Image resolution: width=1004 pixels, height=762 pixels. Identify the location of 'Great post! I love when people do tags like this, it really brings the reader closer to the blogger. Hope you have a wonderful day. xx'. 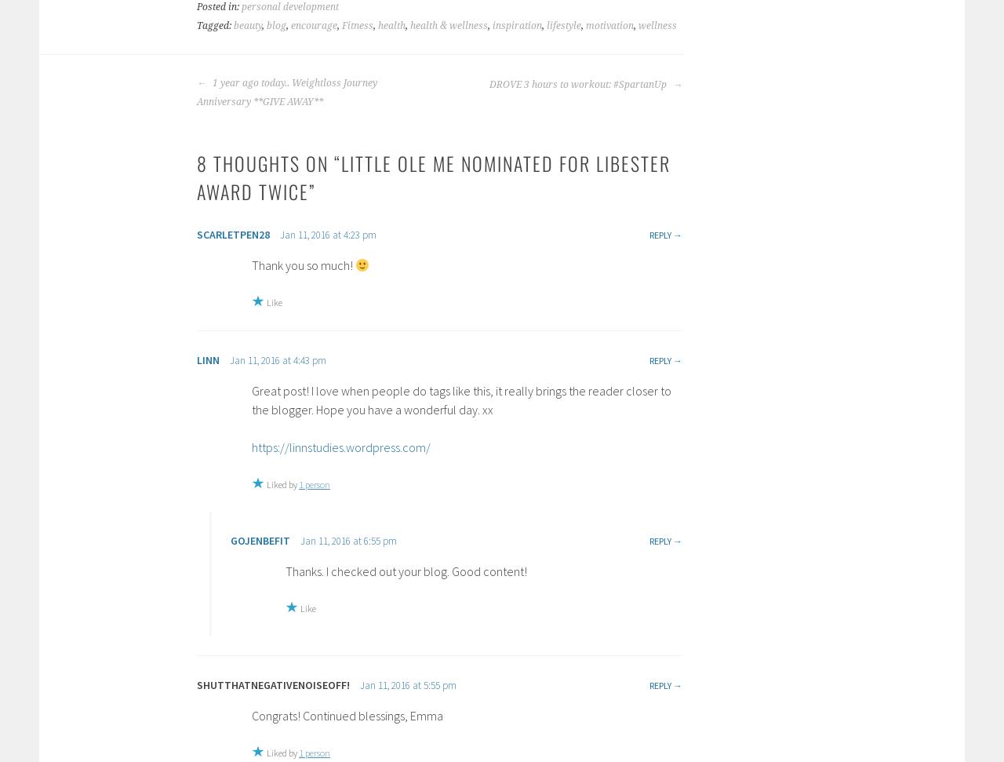
(460, 398).